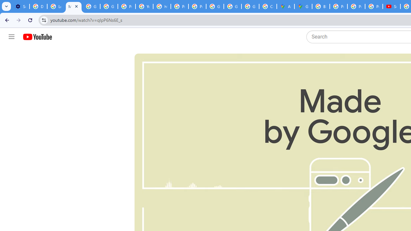 The height and width of the screenshot is (231, 411). Describe the element at coordinates (37, 37) in the screenshot. I see `'YouTube Home'` at that location.